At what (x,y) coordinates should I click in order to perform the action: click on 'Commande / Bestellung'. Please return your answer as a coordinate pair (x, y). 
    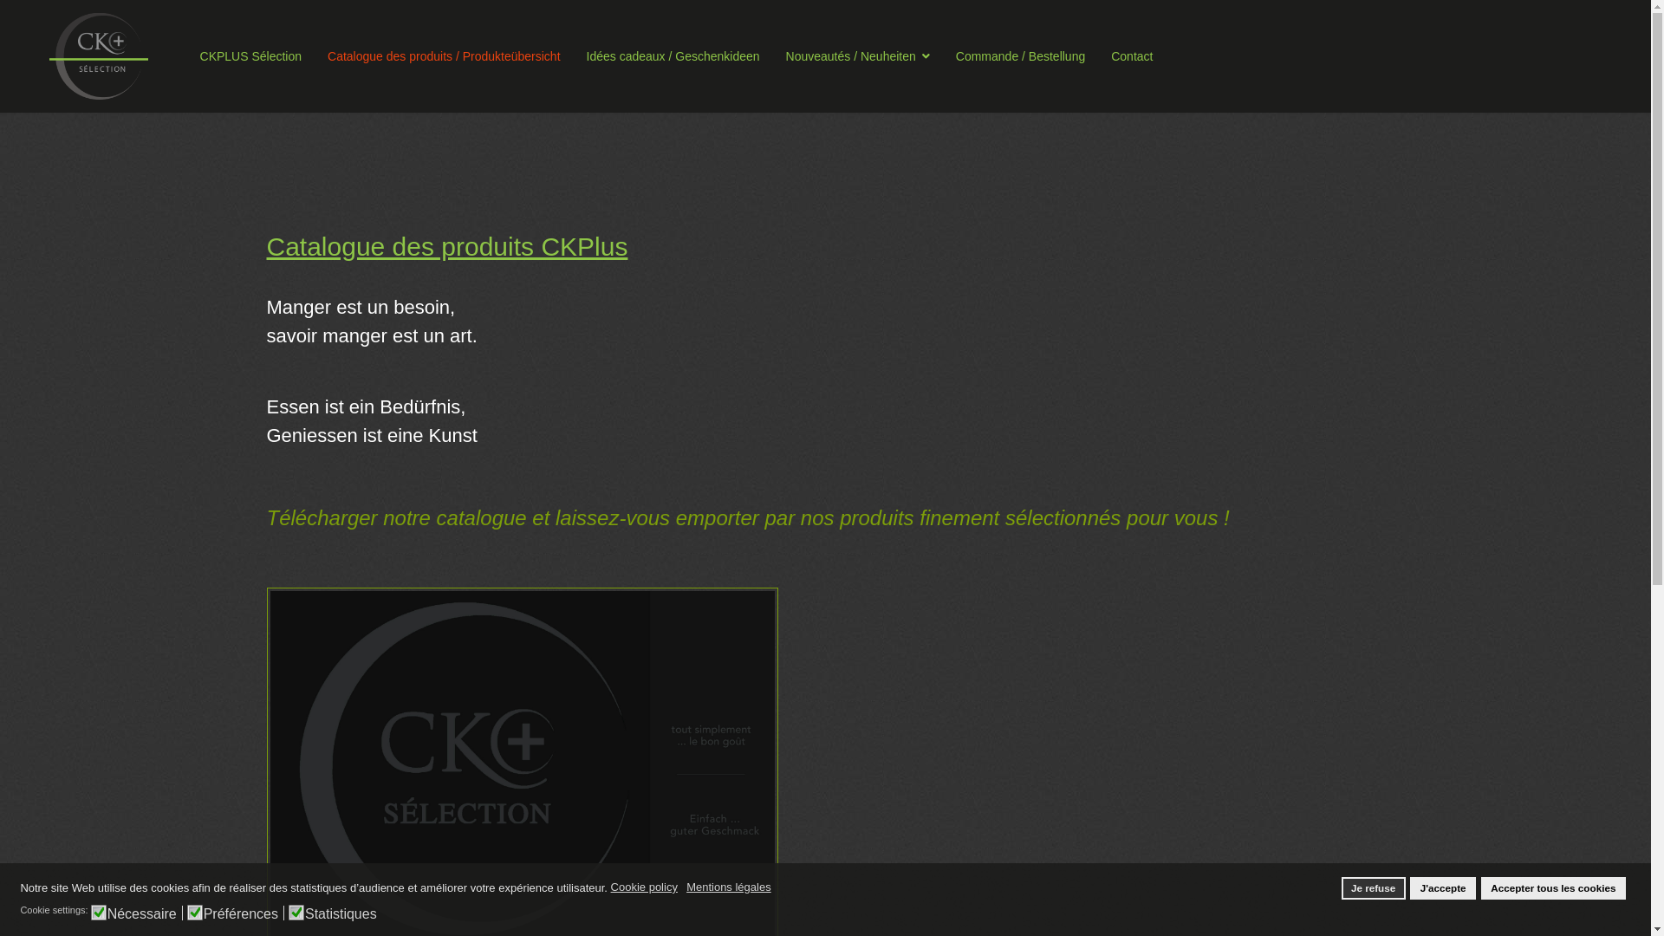
    Looking at the image, I should click on (1020, 55).